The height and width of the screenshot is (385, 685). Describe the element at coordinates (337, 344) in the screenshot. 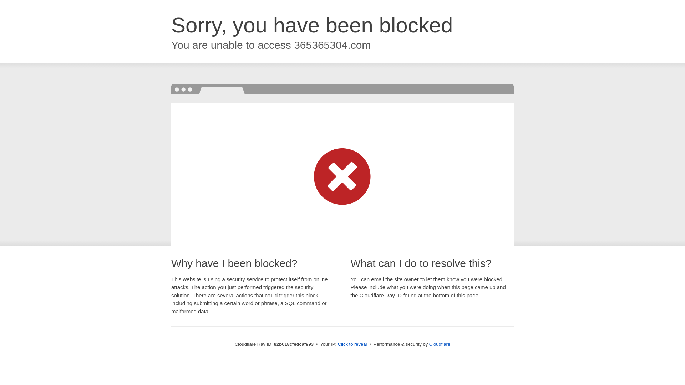

I see `'Click to reveal'` at that location.